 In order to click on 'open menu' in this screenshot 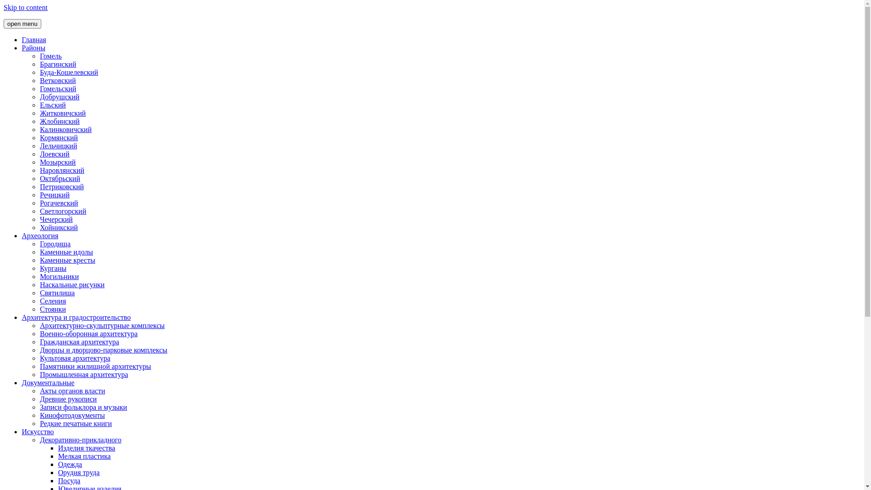, I will do `click(4, 23)`.